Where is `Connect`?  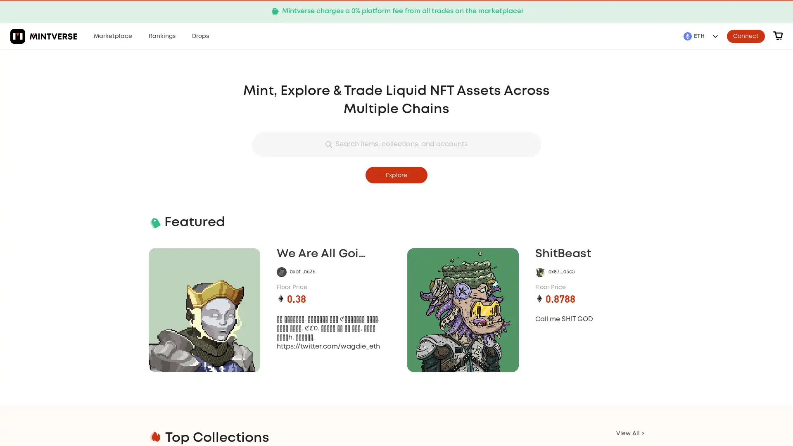
Connect is located at coordinates (746, 36).